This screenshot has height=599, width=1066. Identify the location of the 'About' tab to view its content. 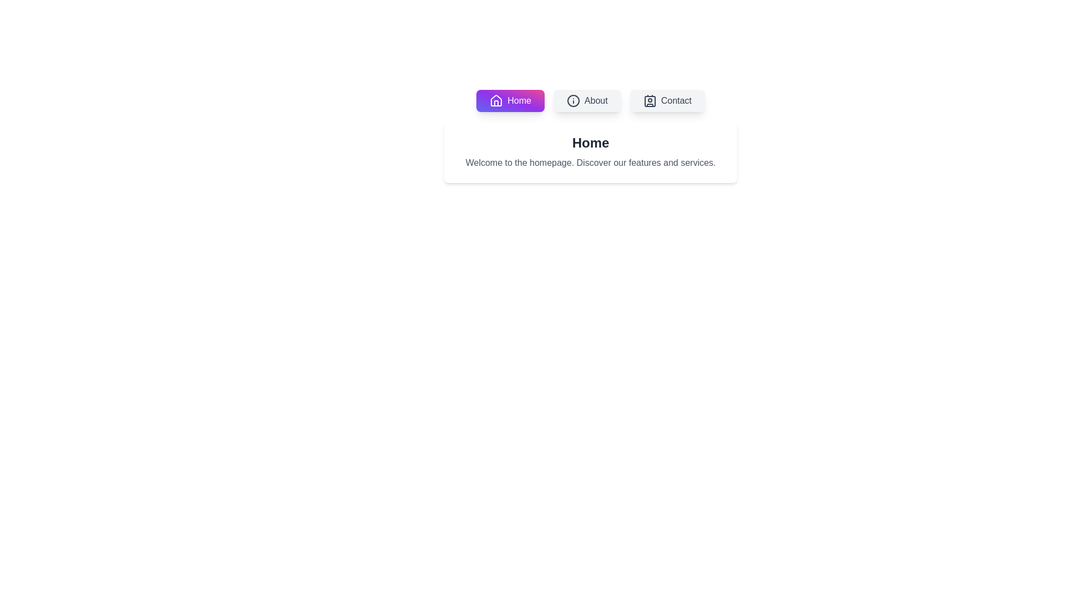
(586, 100).